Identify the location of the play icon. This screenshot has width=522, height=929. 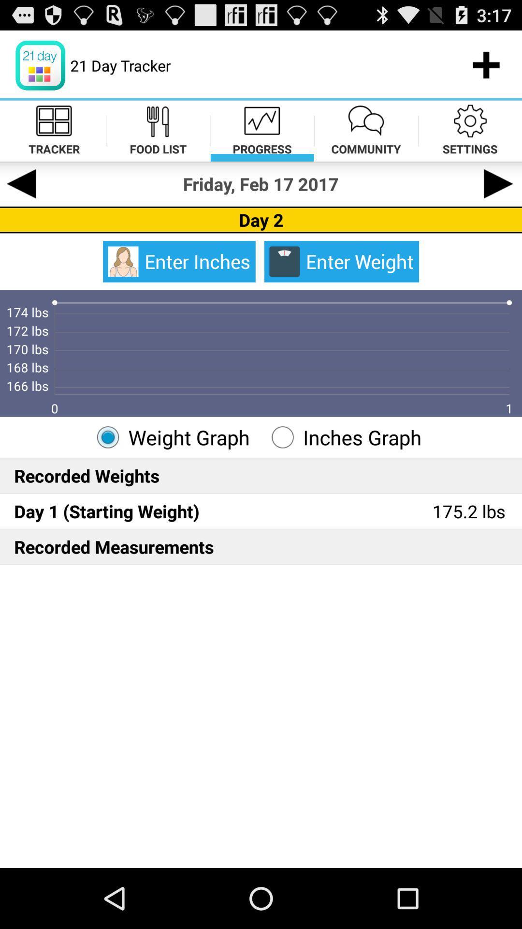
(499, 196).